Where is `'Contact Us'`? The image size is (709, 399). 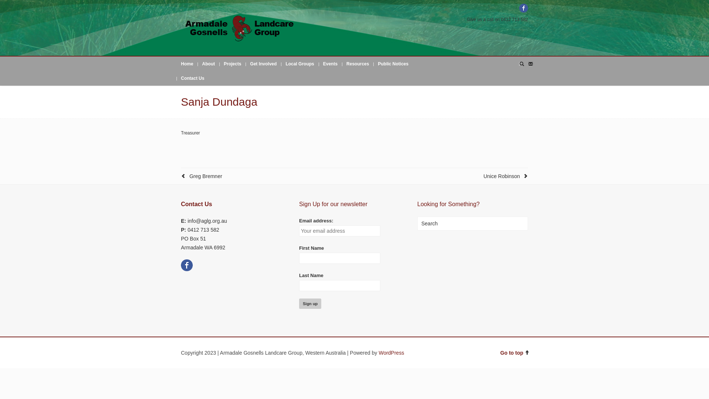
'Contact Us' is located at coordinates (192, 78).